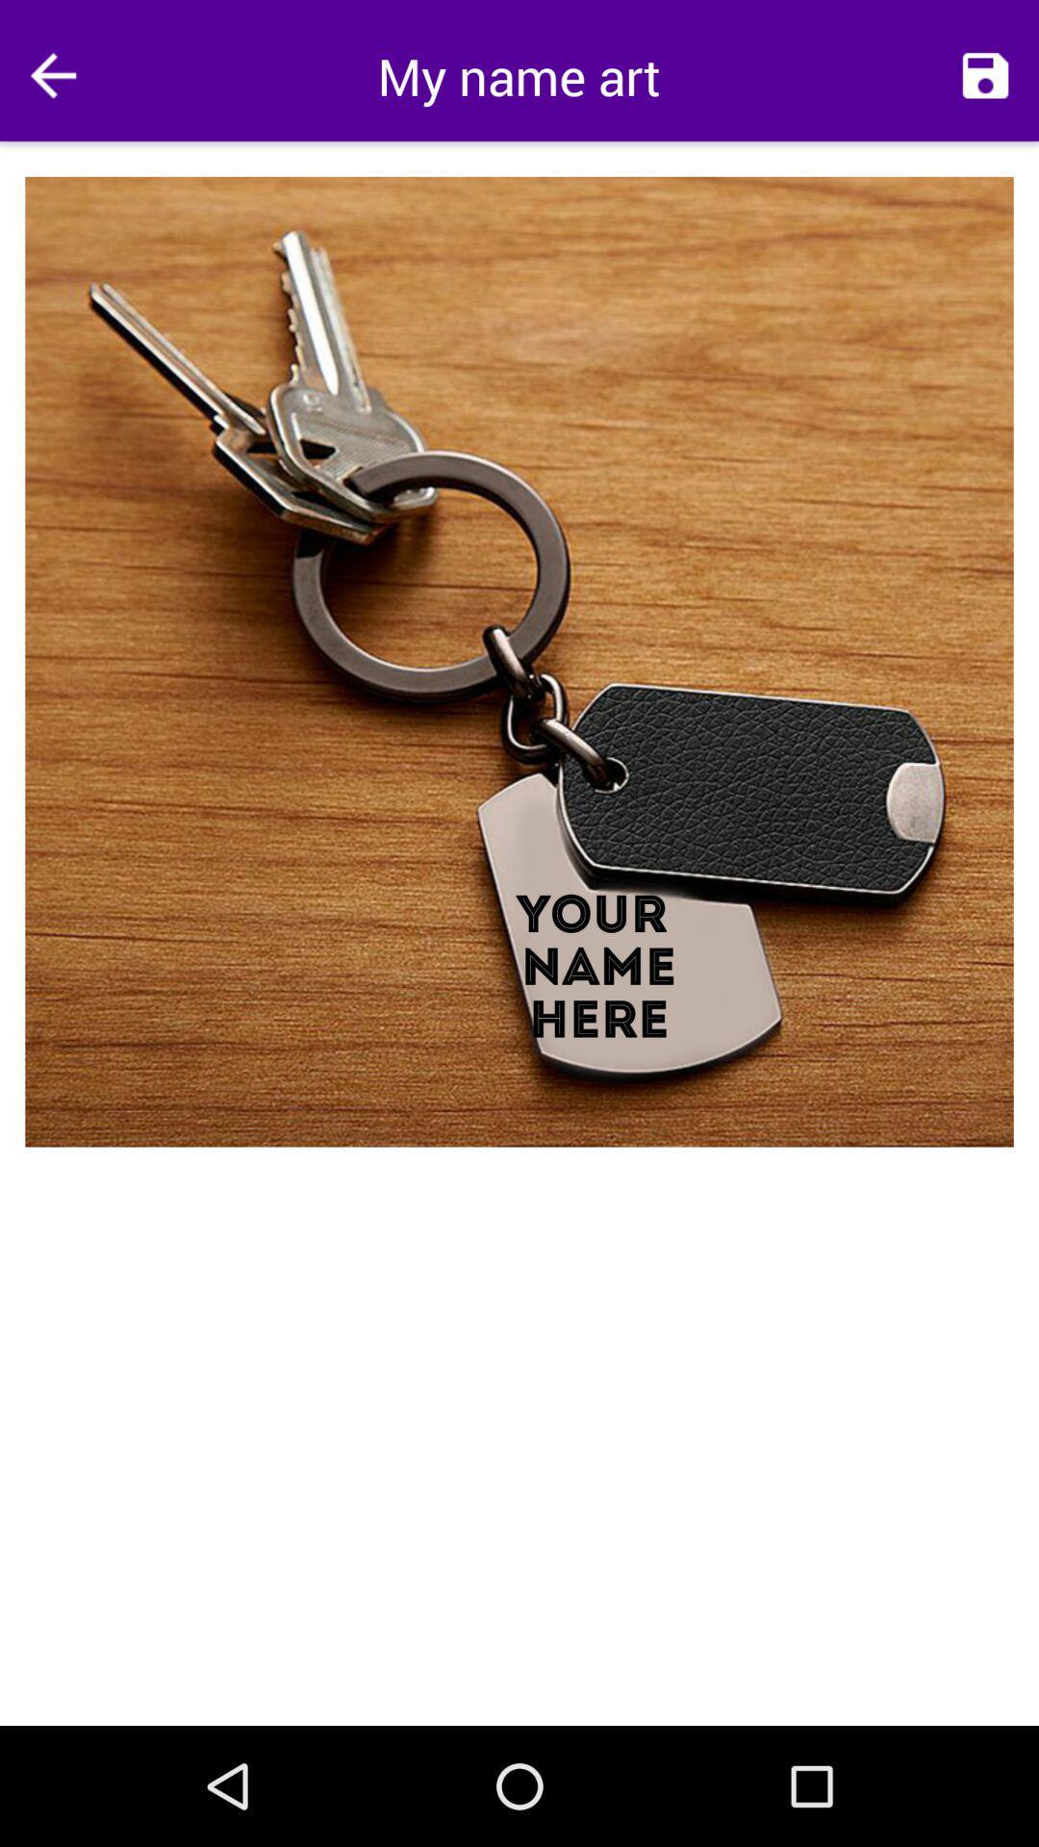 The image size is (1039, 1847). Describe the element at coordinates (52, 75) in the screenshot. I see `the icon at the top left corner` at that location.